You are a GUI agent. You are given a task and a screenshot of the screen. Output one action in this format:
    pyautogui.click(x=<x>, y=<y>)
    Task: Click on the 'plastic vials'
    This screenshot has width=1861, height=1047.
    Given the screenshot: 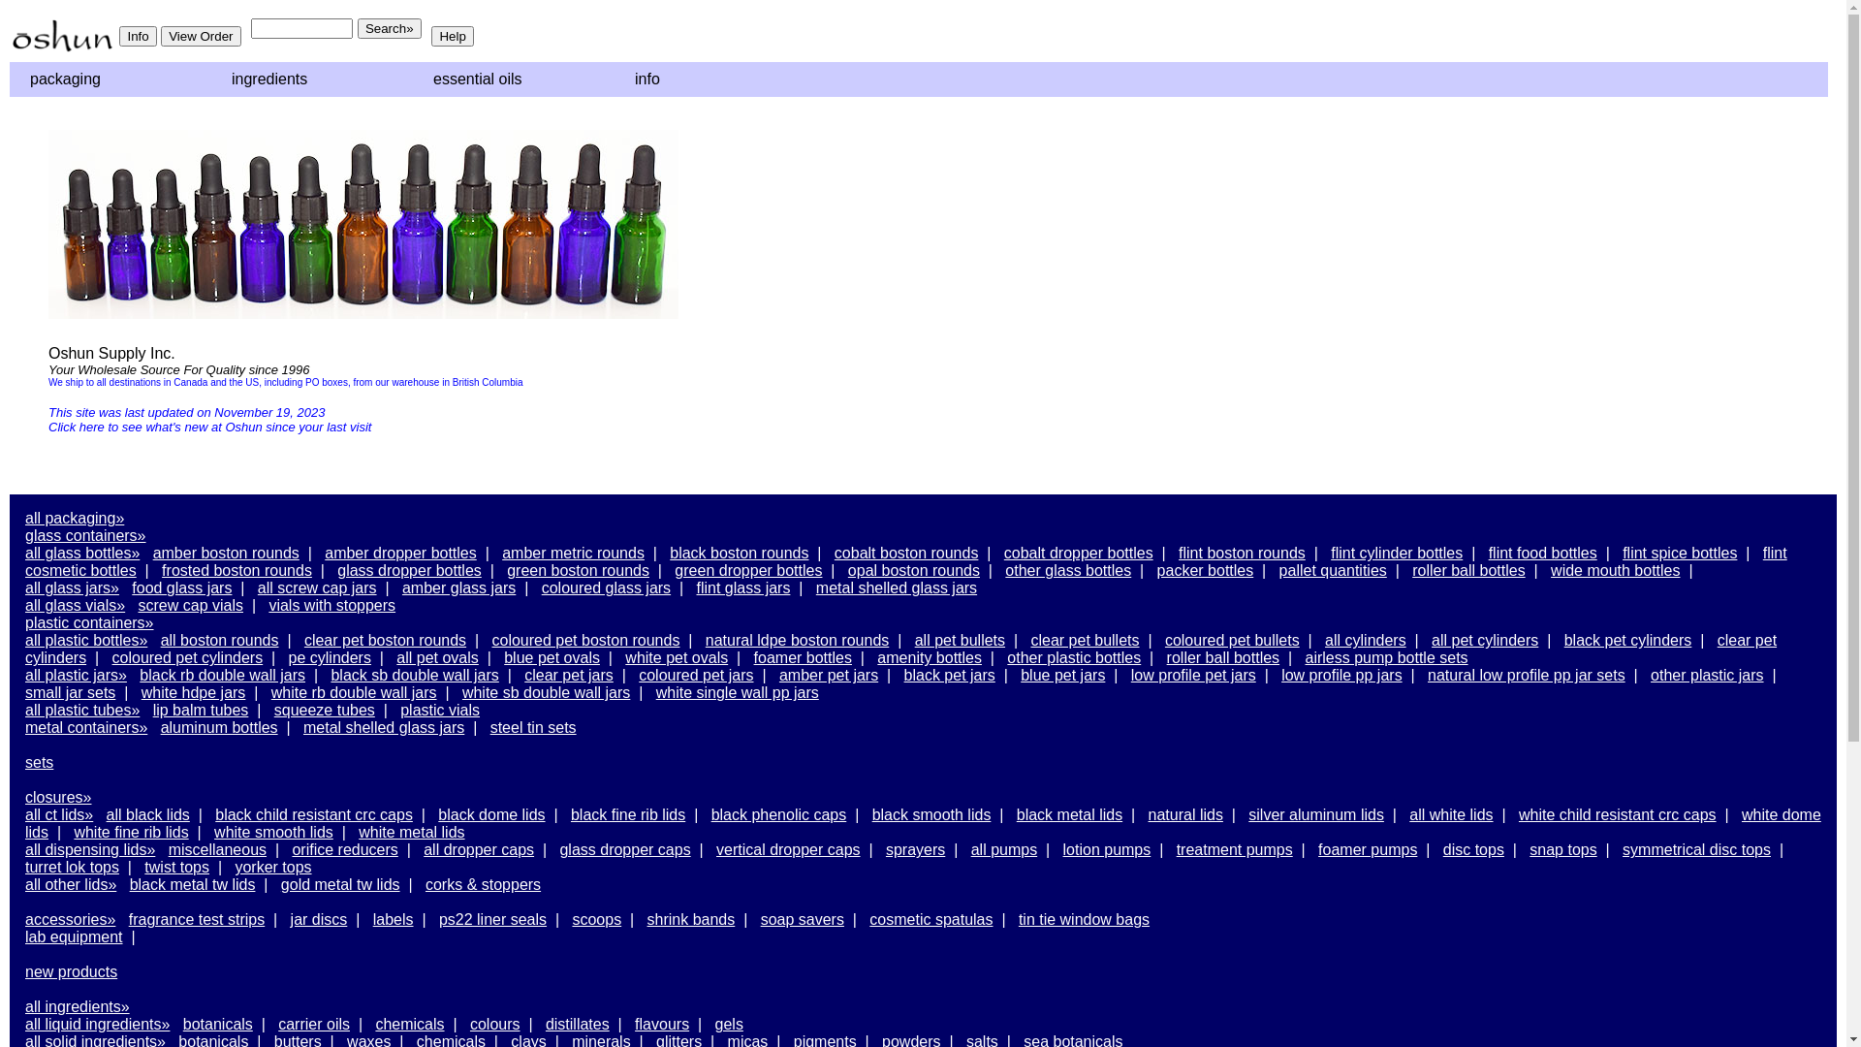 What is the action you would take?
    pyautogui.click(x=439, y=710)
    